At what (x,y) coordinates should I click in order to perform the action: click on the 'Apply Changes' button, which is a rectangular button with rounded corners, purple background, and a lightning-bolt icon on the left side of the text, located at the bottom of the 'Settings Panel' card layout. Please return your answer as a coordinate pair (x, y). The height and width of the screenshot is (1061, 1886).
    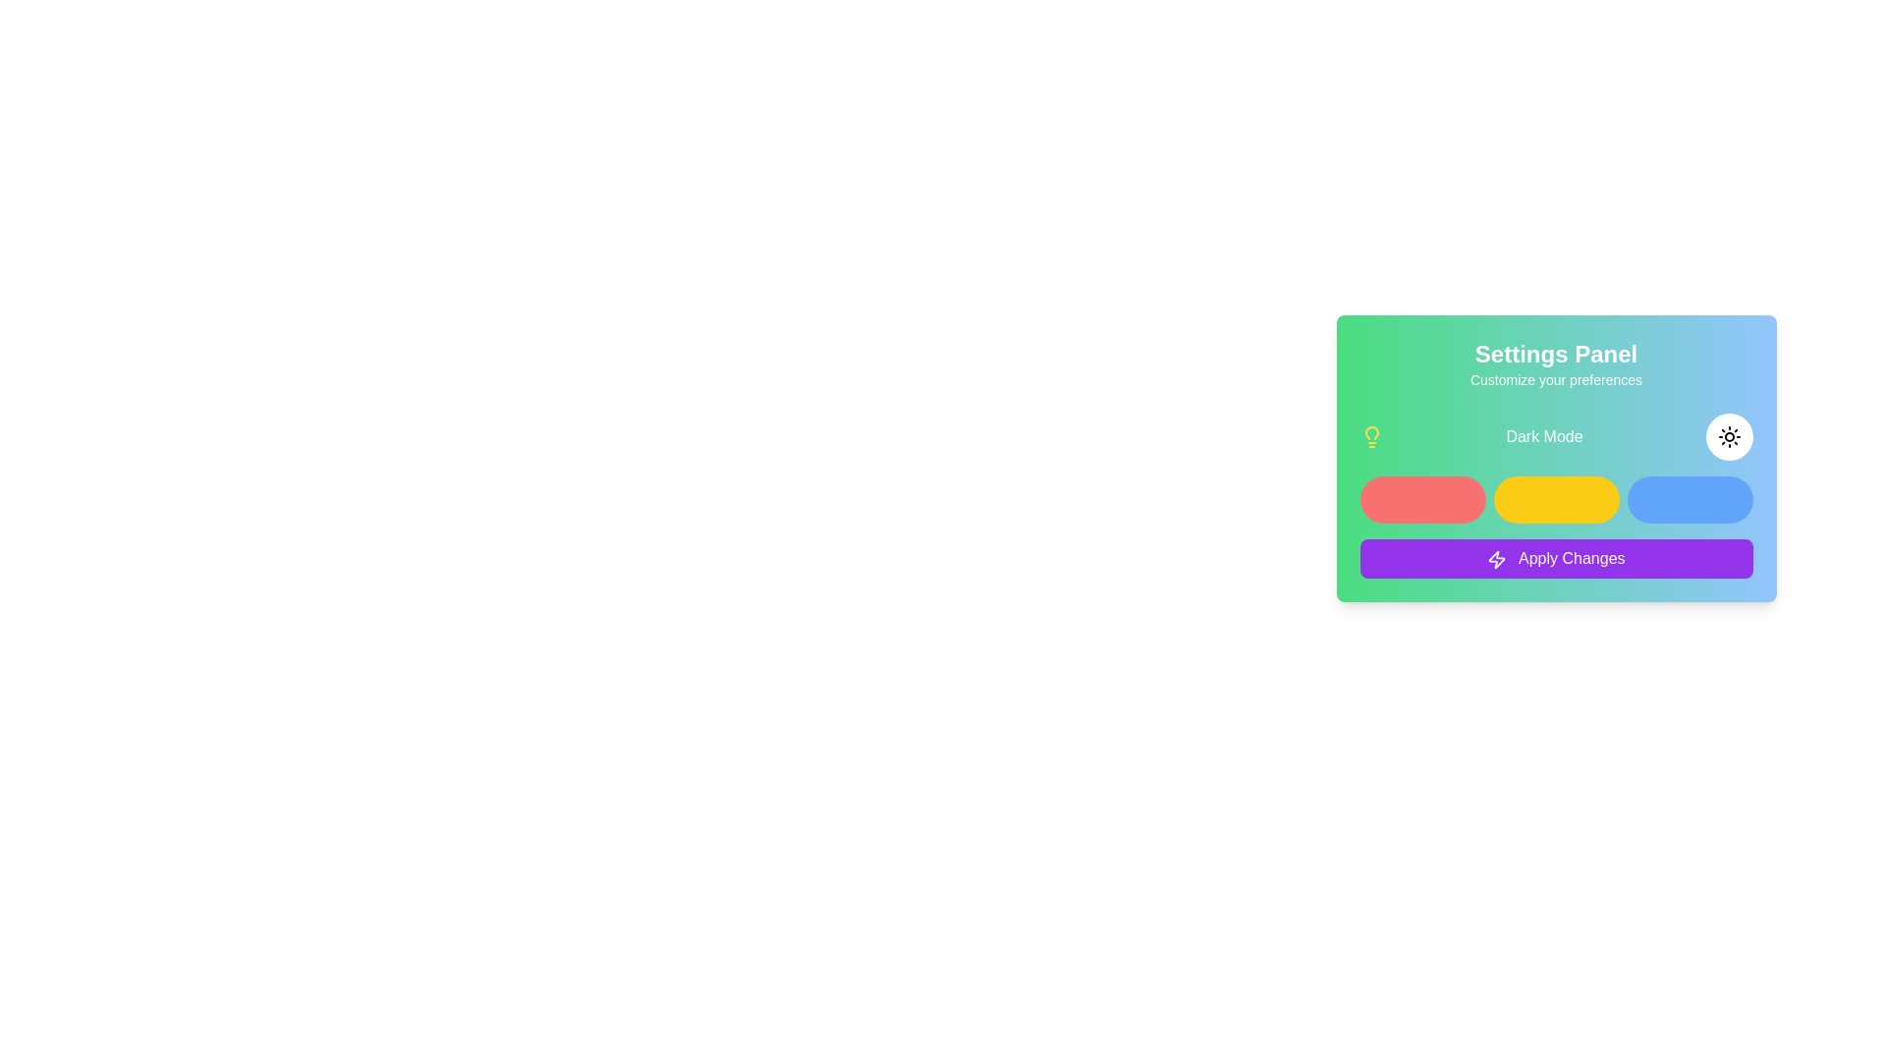
    Looking at the image, I should click on (1555, 559).